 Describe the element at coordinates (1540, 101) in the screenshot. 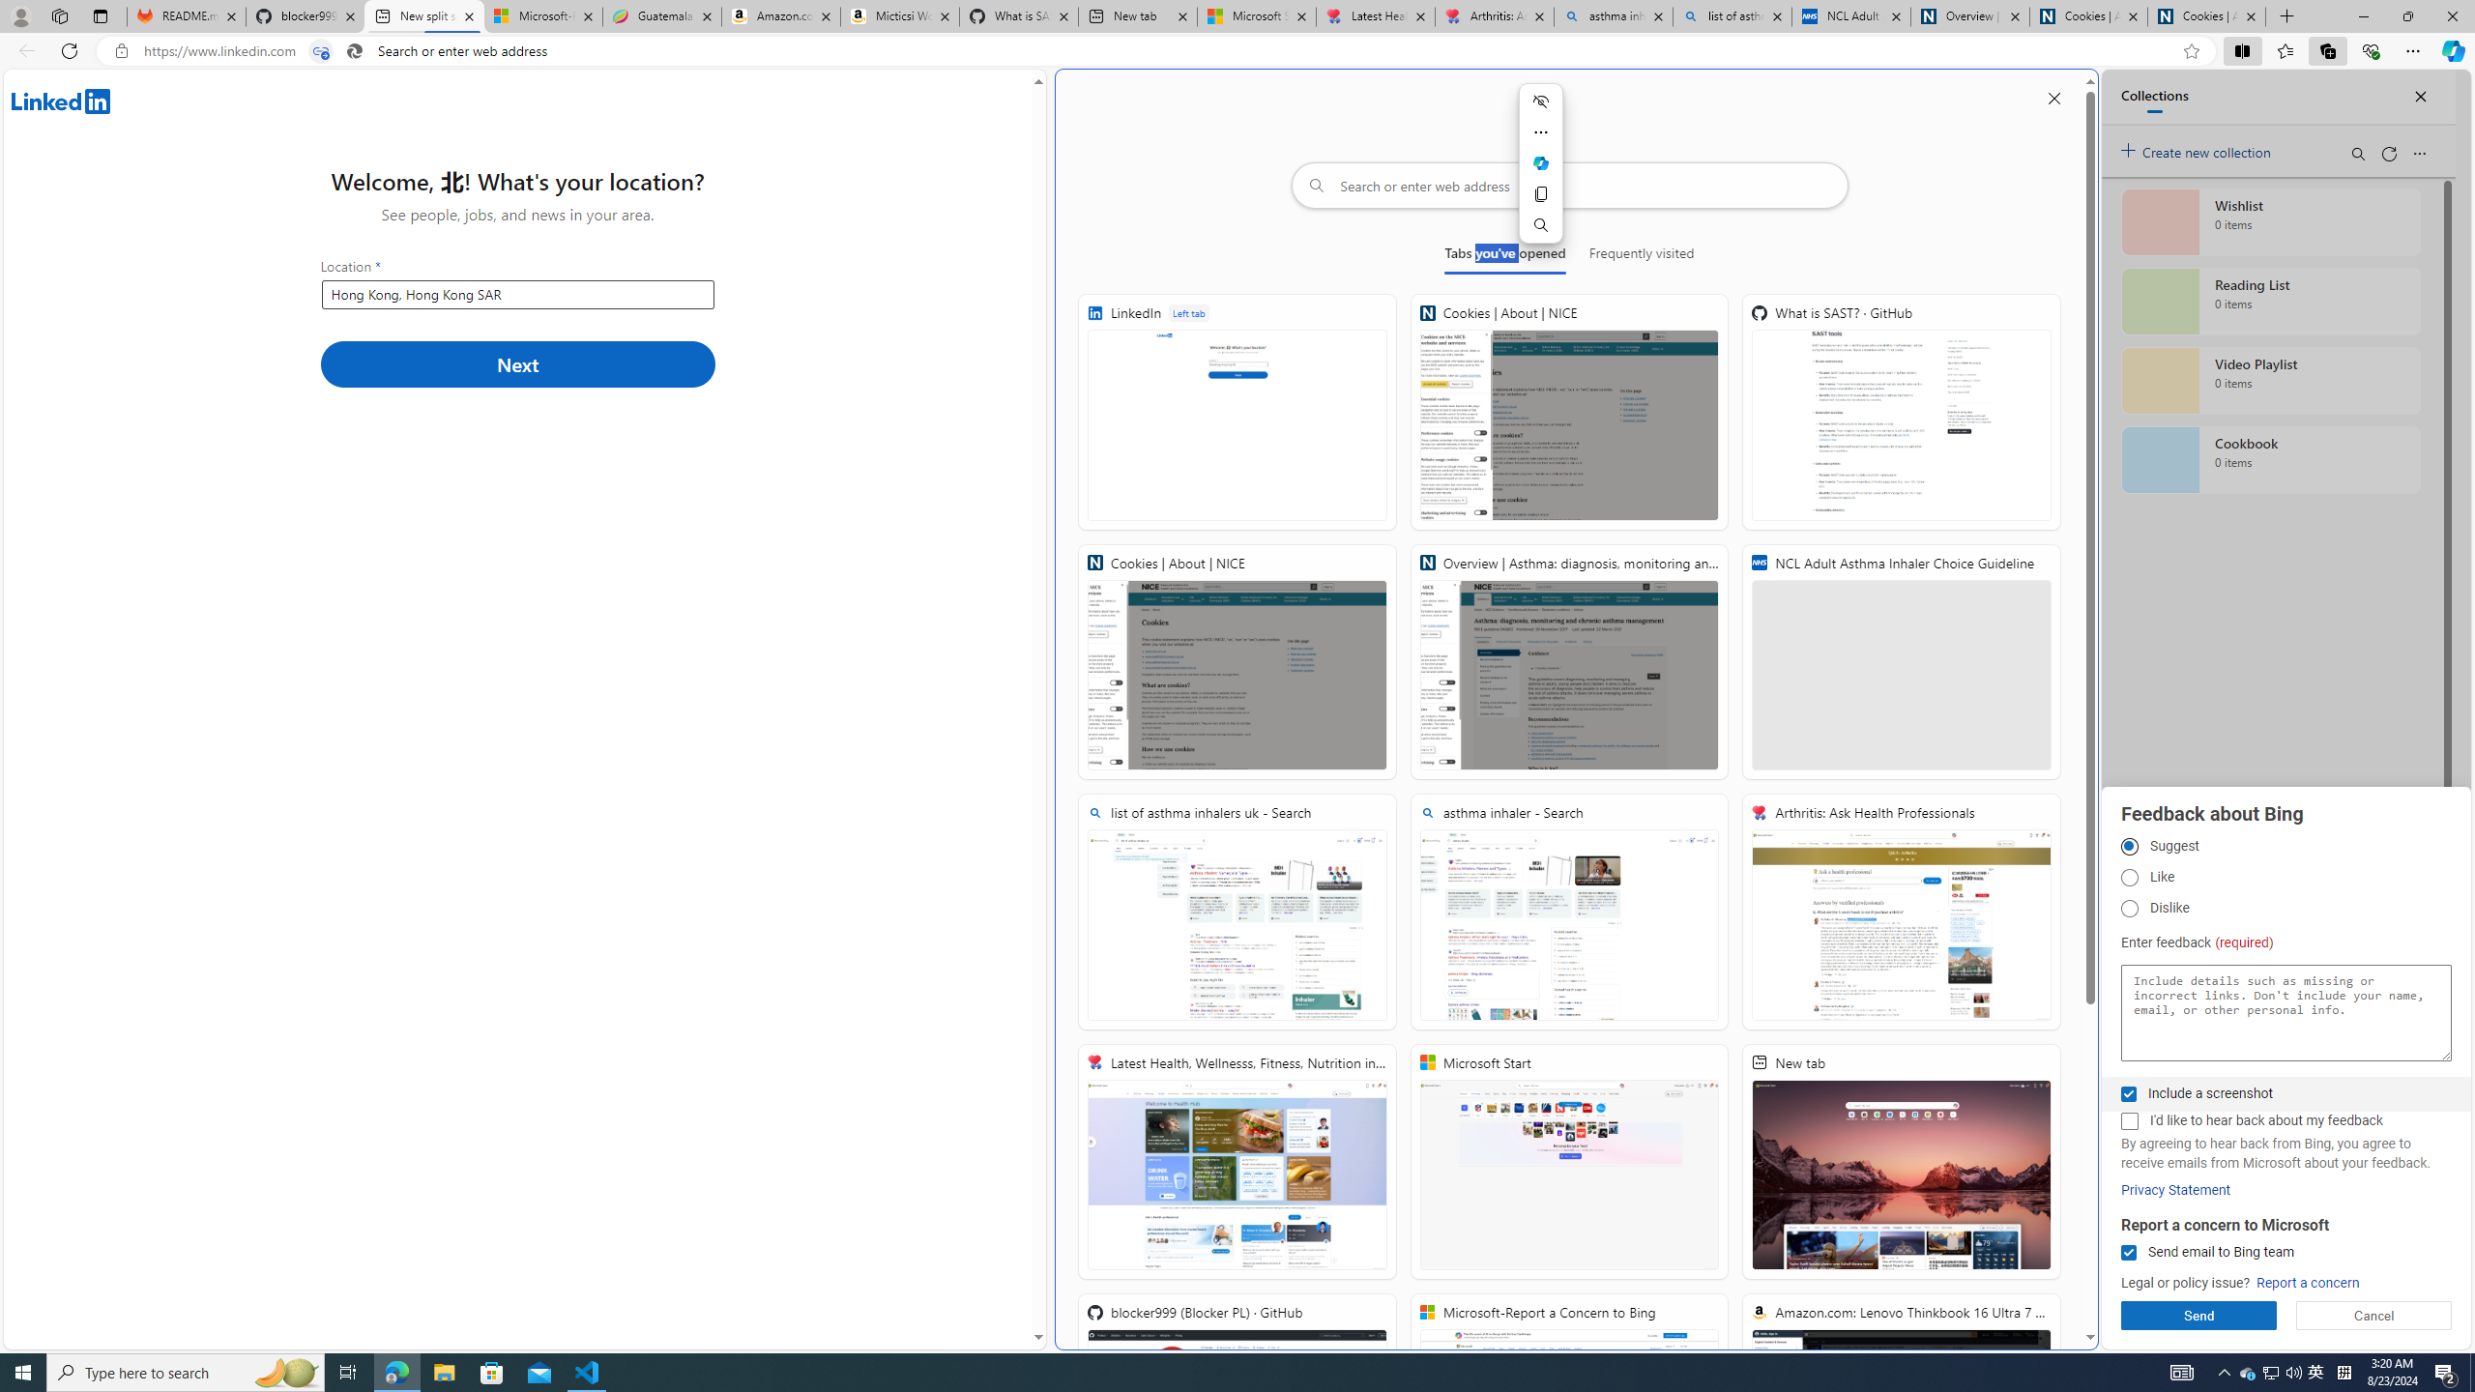

I see `'Hide menu'` at that location.